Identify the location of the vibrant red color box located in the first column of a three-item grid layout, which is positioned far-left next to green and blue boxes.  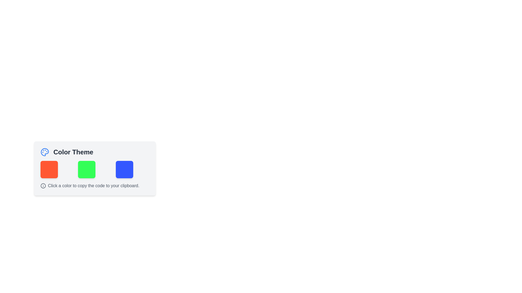
(49, 169).